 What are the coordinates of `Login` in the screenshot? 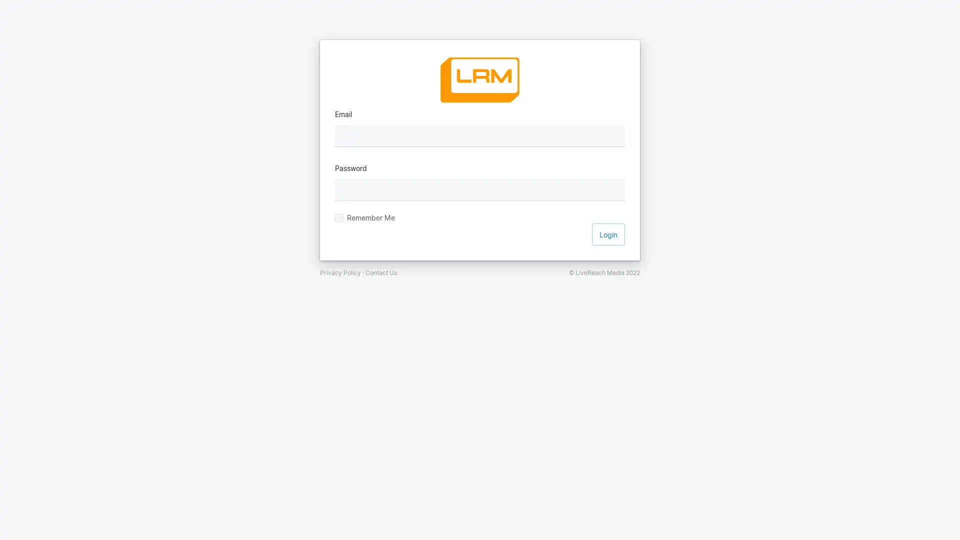 It's located at (607, 233).